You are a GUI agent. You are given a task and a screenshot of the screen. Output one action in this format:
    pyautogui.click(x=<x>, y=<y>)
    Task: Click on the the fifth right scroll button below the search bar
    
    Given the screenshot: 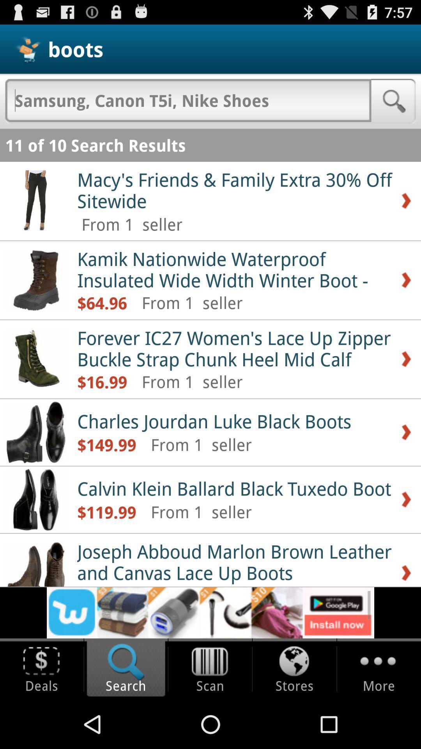 What is the action you would take?
    pyautogui.click(x=405, y=500)
    